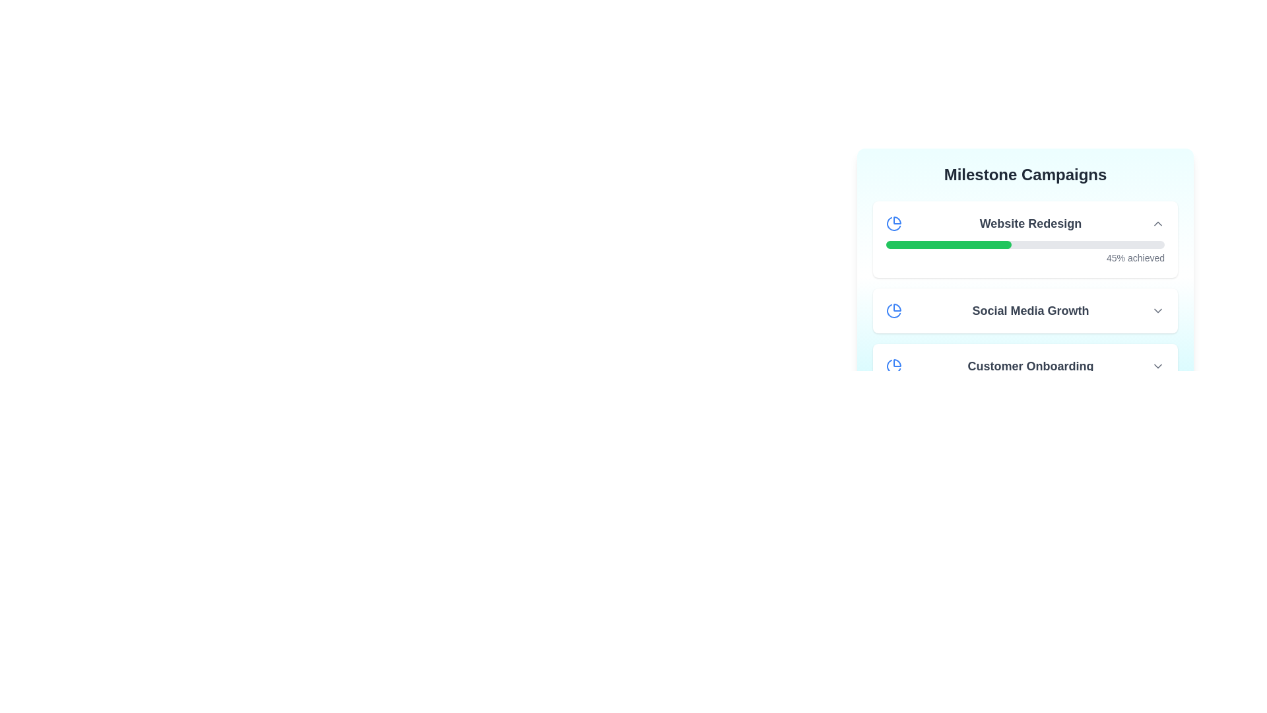 The width and height of the screenshot is (1267, 713). Describe the element at coordinates (1025, 244) in the screenshot. I see `the progress bar indicating 45% progress within the 'Website Redesign' card in the 'Milestone Campaigns' section` at that location.